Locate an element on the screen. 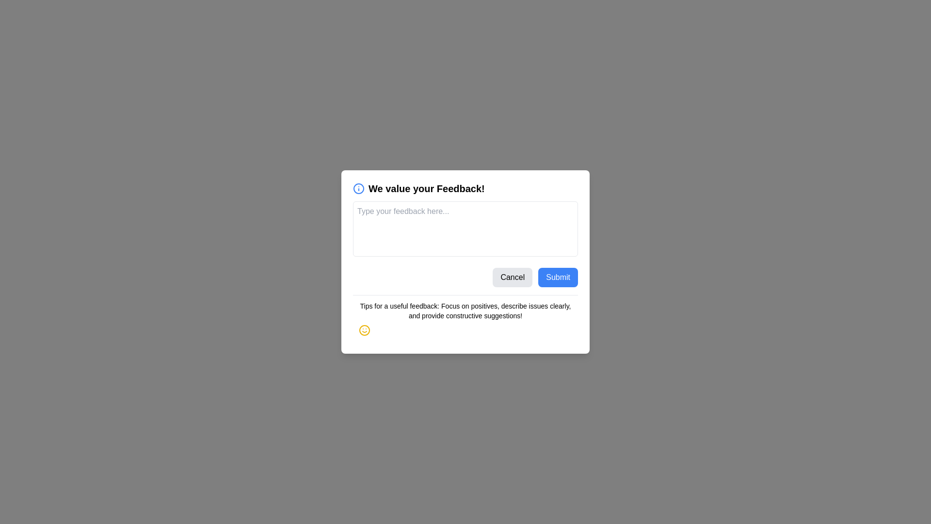  the feedback form to select it is located at coordinates (465, 262).